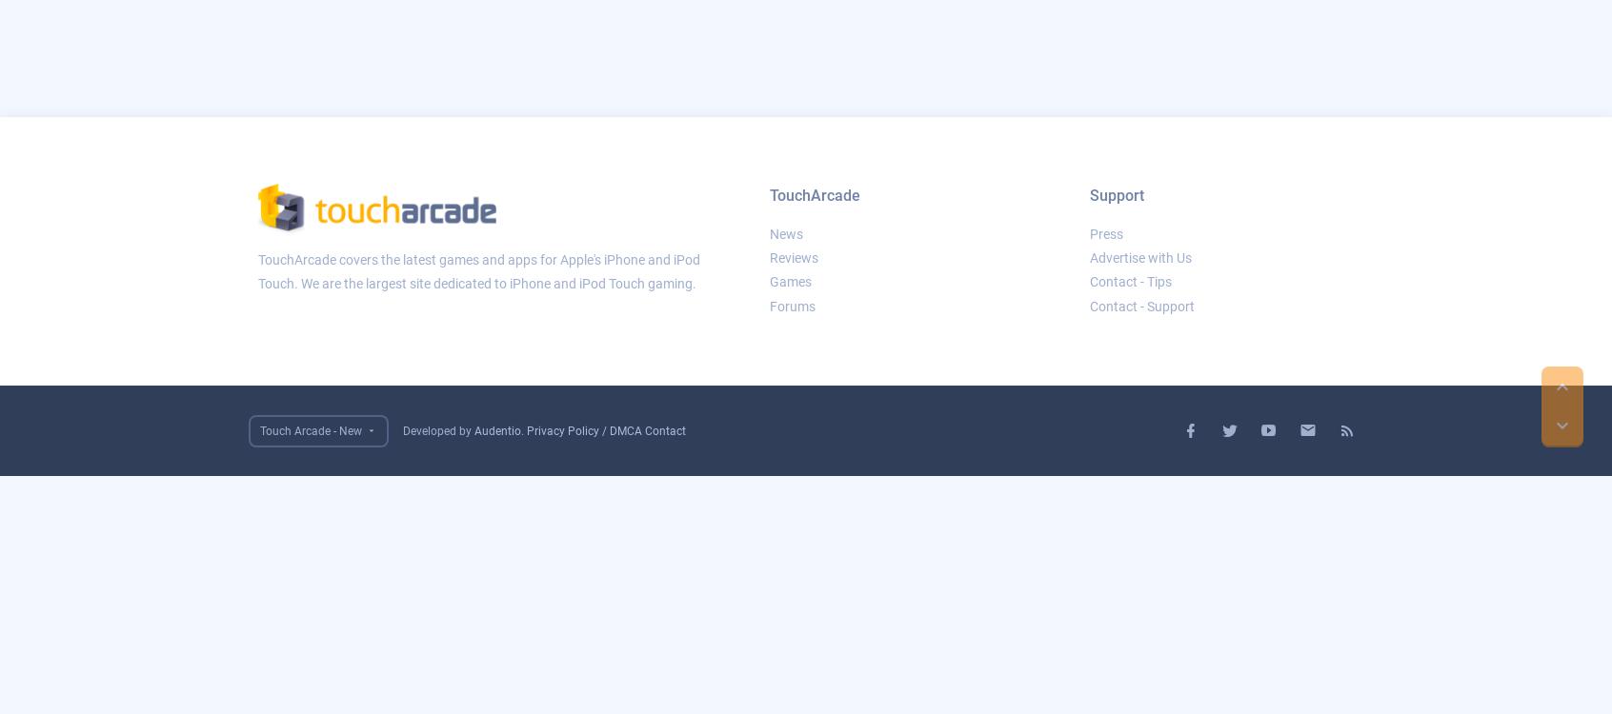 The height and width of the screenshot is (714, 1612). What do you see at coordinates (259, 429) in the screenshot?
I see `'Touch Arcade - New'` at bounding box center [259, 429].